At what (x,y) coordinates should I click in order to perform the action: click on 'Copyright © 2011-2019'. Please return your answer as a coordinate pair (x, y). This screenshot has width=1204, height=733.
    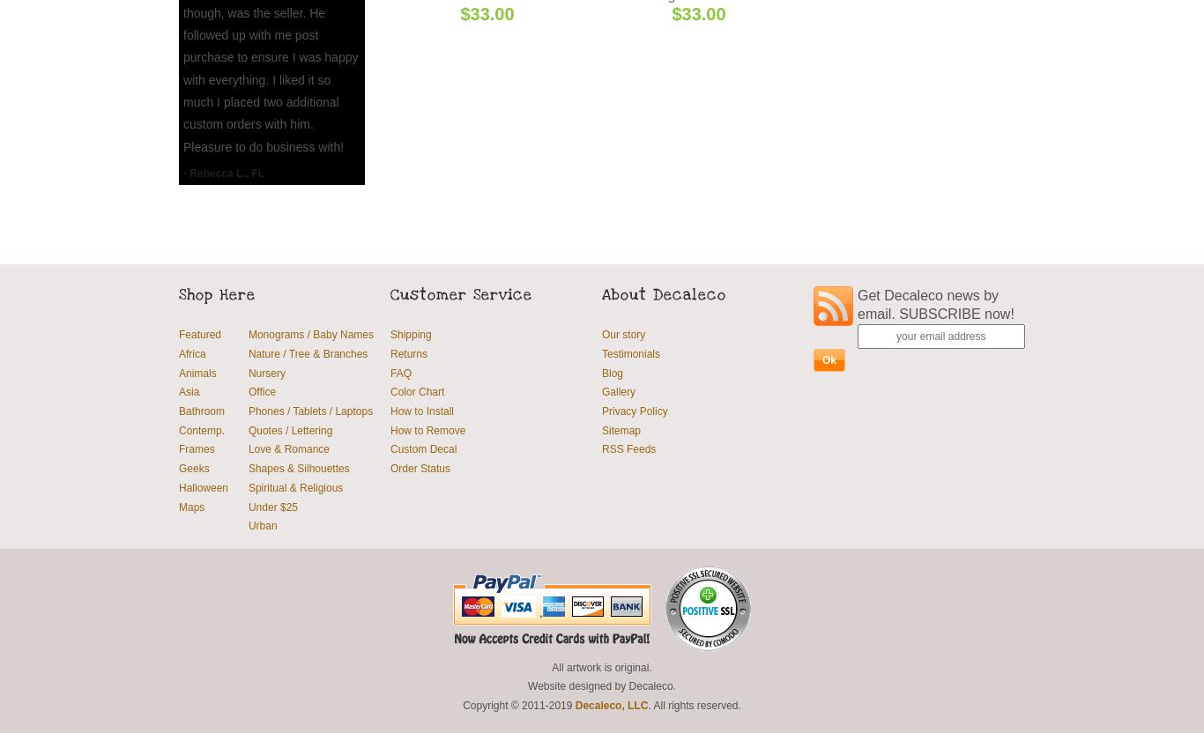
    Looking at the image, I should click on (462, 703).